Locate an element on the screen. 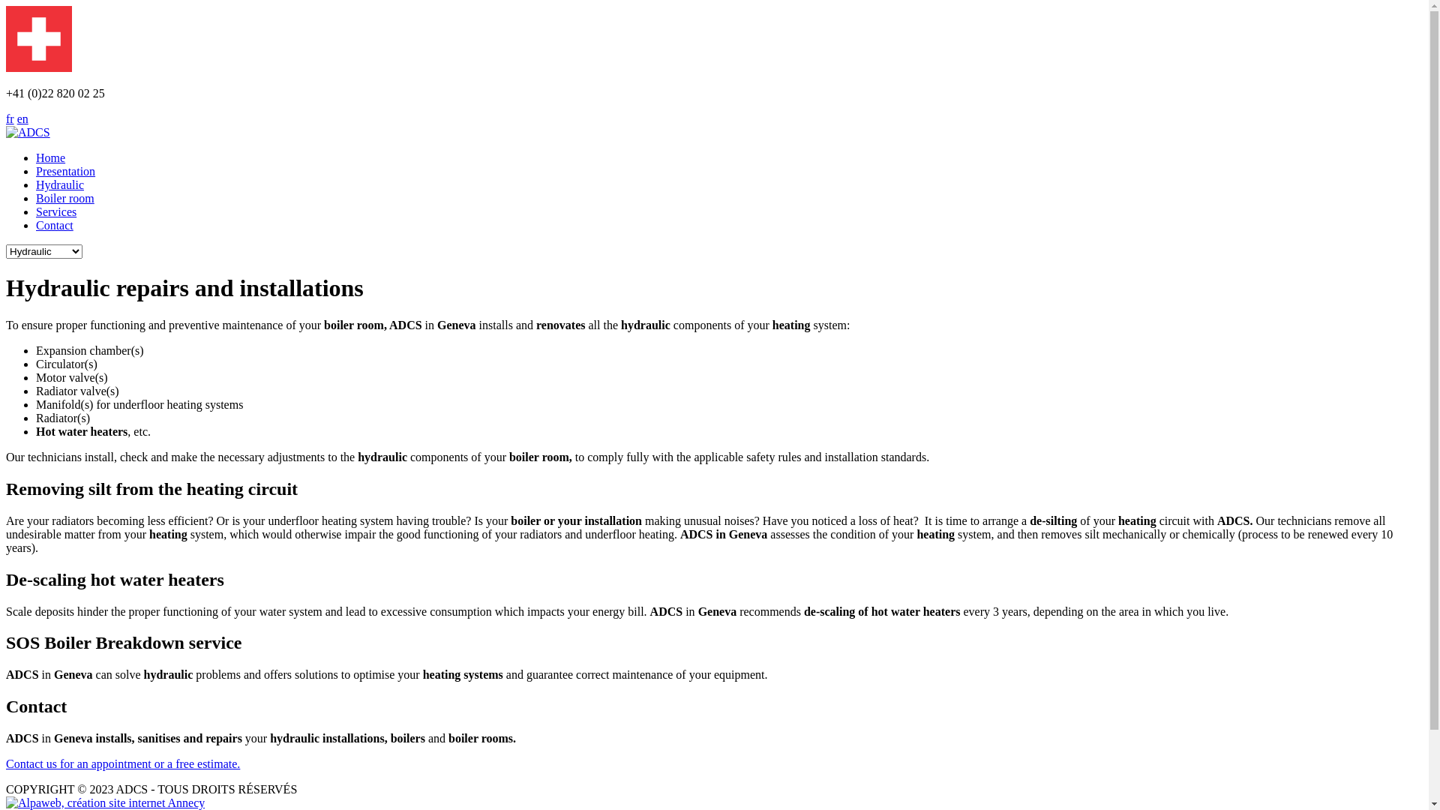  'fr' is located at coordinates (6, 118).